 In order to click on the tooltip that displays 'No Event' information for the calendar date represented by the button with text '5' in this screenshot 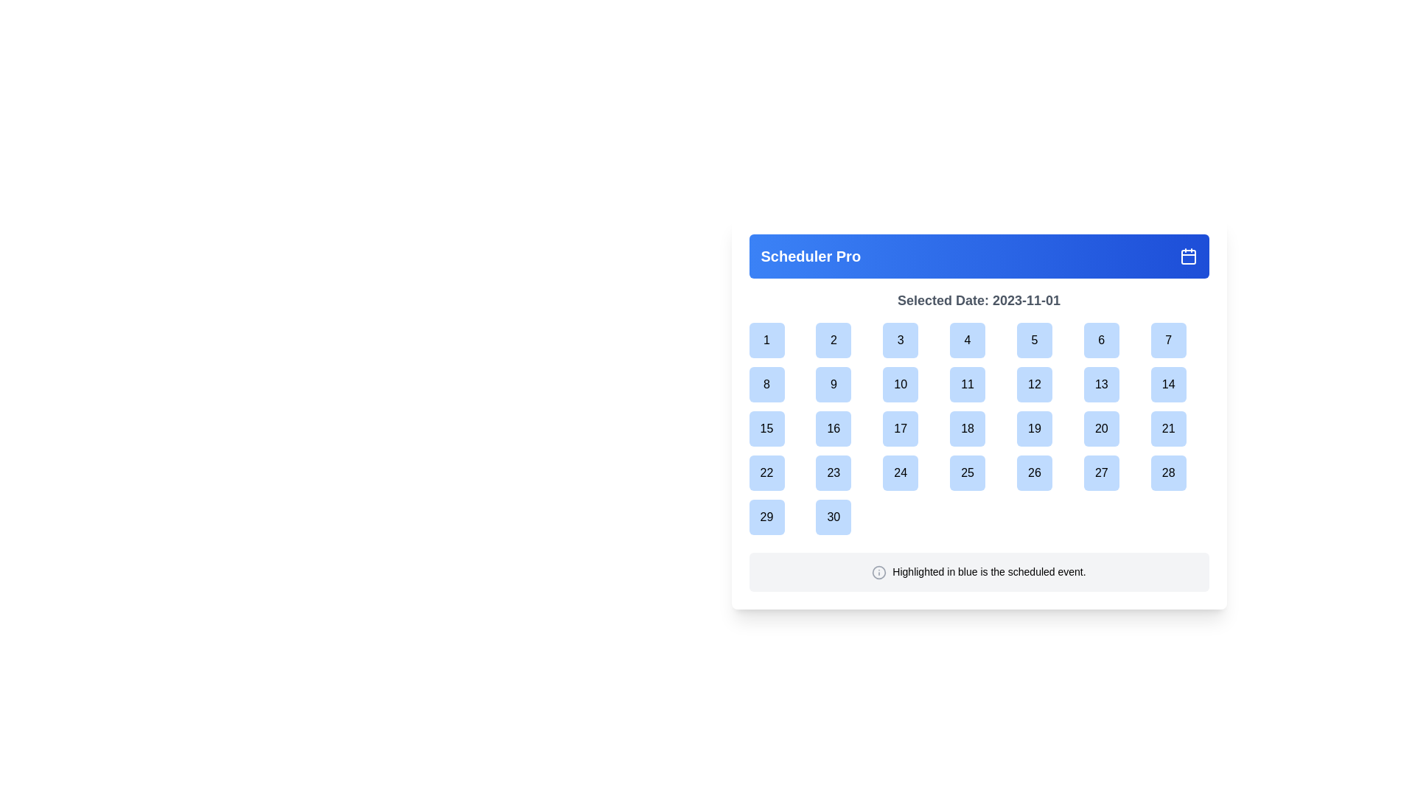, I will do `click(1047, 369)`.